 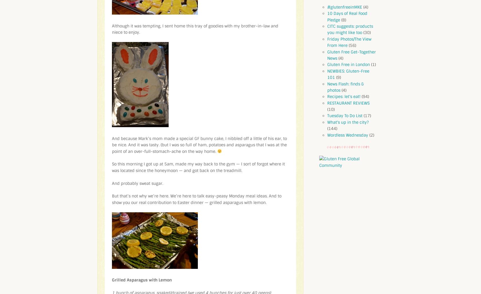 I want to click on 'CITC suggests: products you might like too', so click(x=350, y=29).